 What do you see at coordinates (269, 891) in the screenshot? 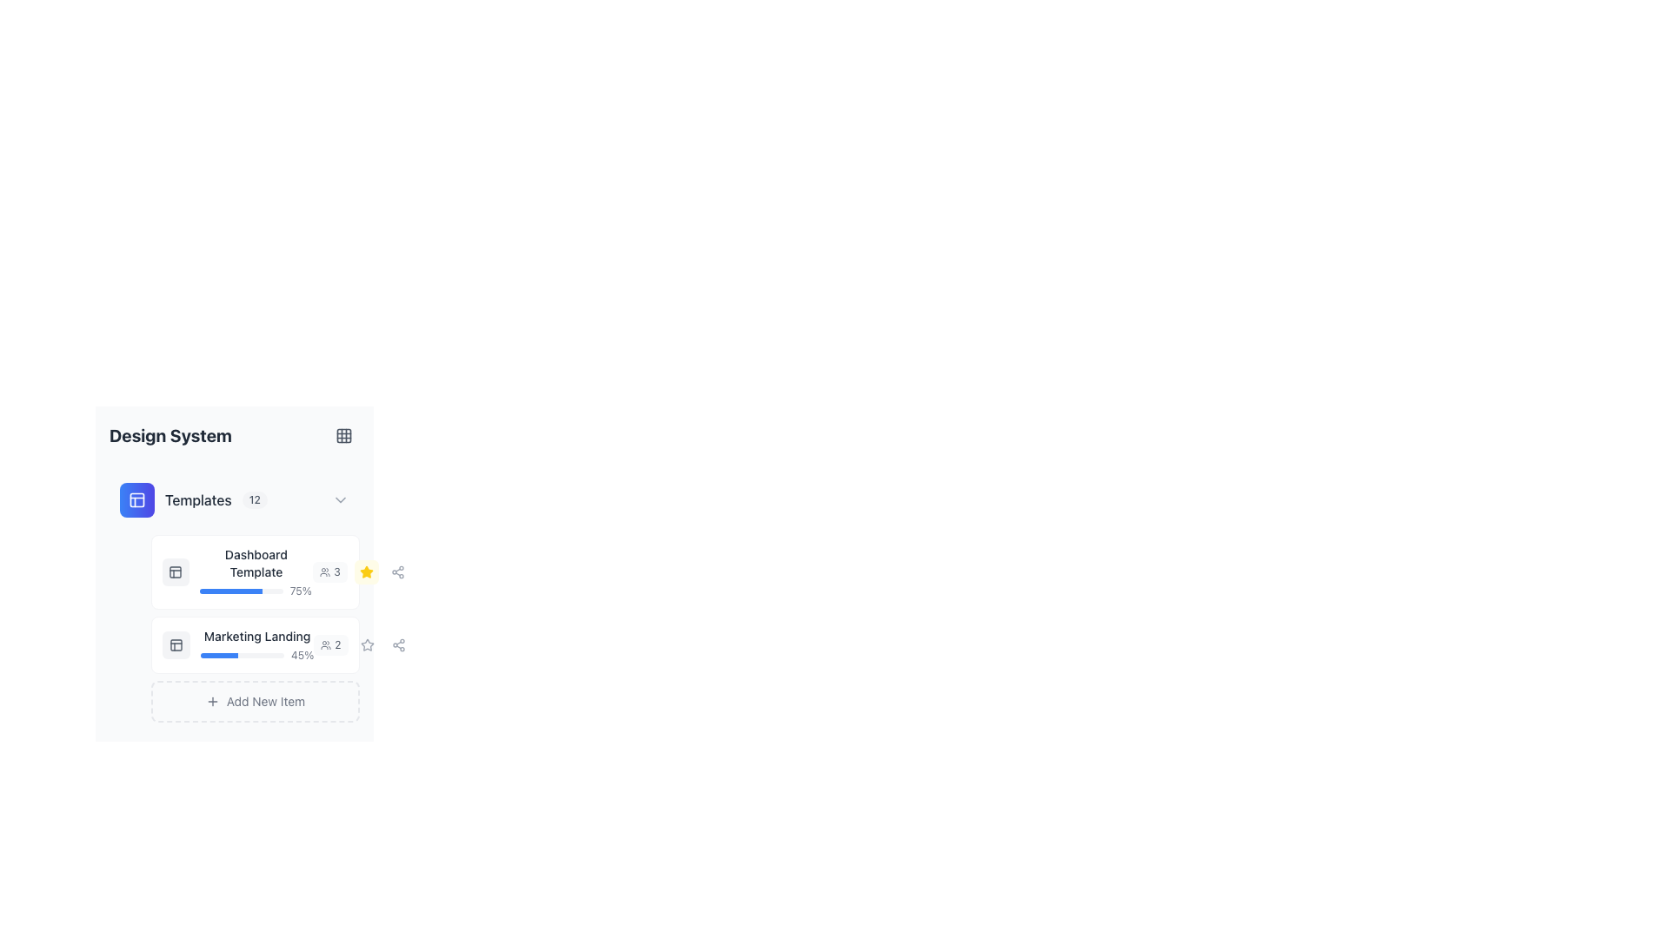
I see `the informational tag displaying the number of users associated with the 'Marketing Landing' entry` at bounding box center [269, 891].